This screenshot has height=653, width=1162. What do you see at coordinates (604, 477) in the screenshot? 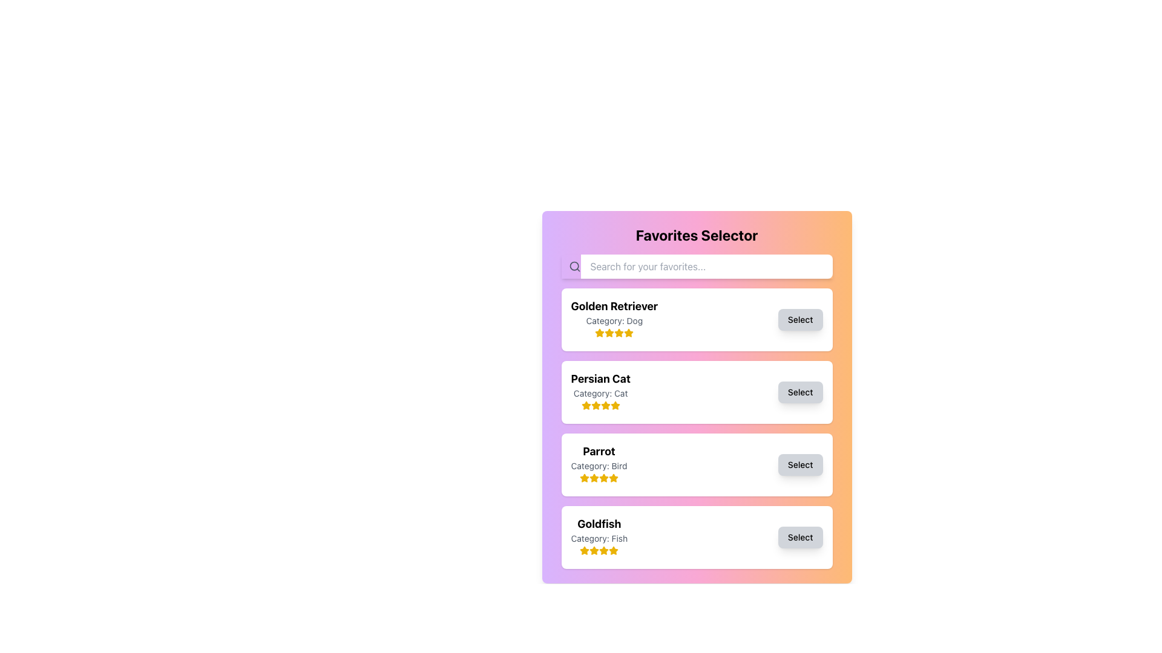
I see `the third yellow star icon in the 'Favorites Selector' interface next to the text 'Parrot' to observe hover effects` at bounding box center [604, 477].